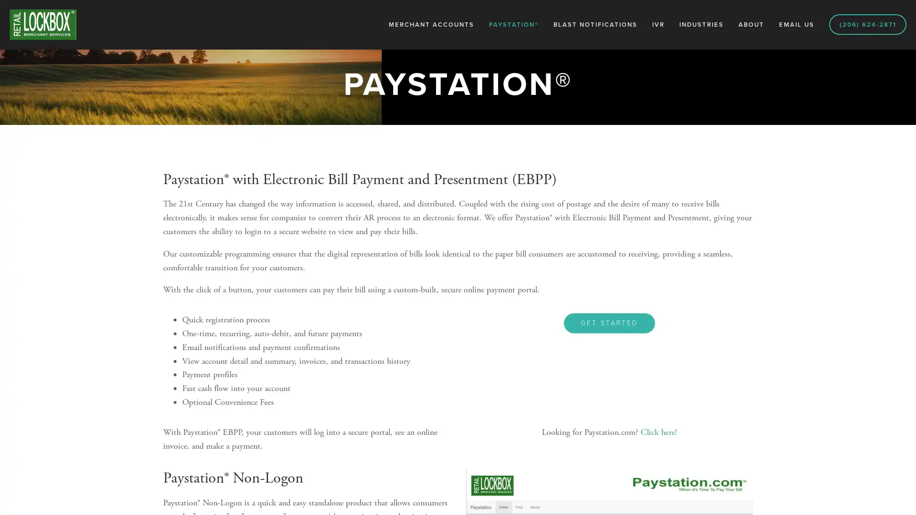 The height and width of the screenshot is (515, 916). I want to click on GET STARTED, so click(609, 323).